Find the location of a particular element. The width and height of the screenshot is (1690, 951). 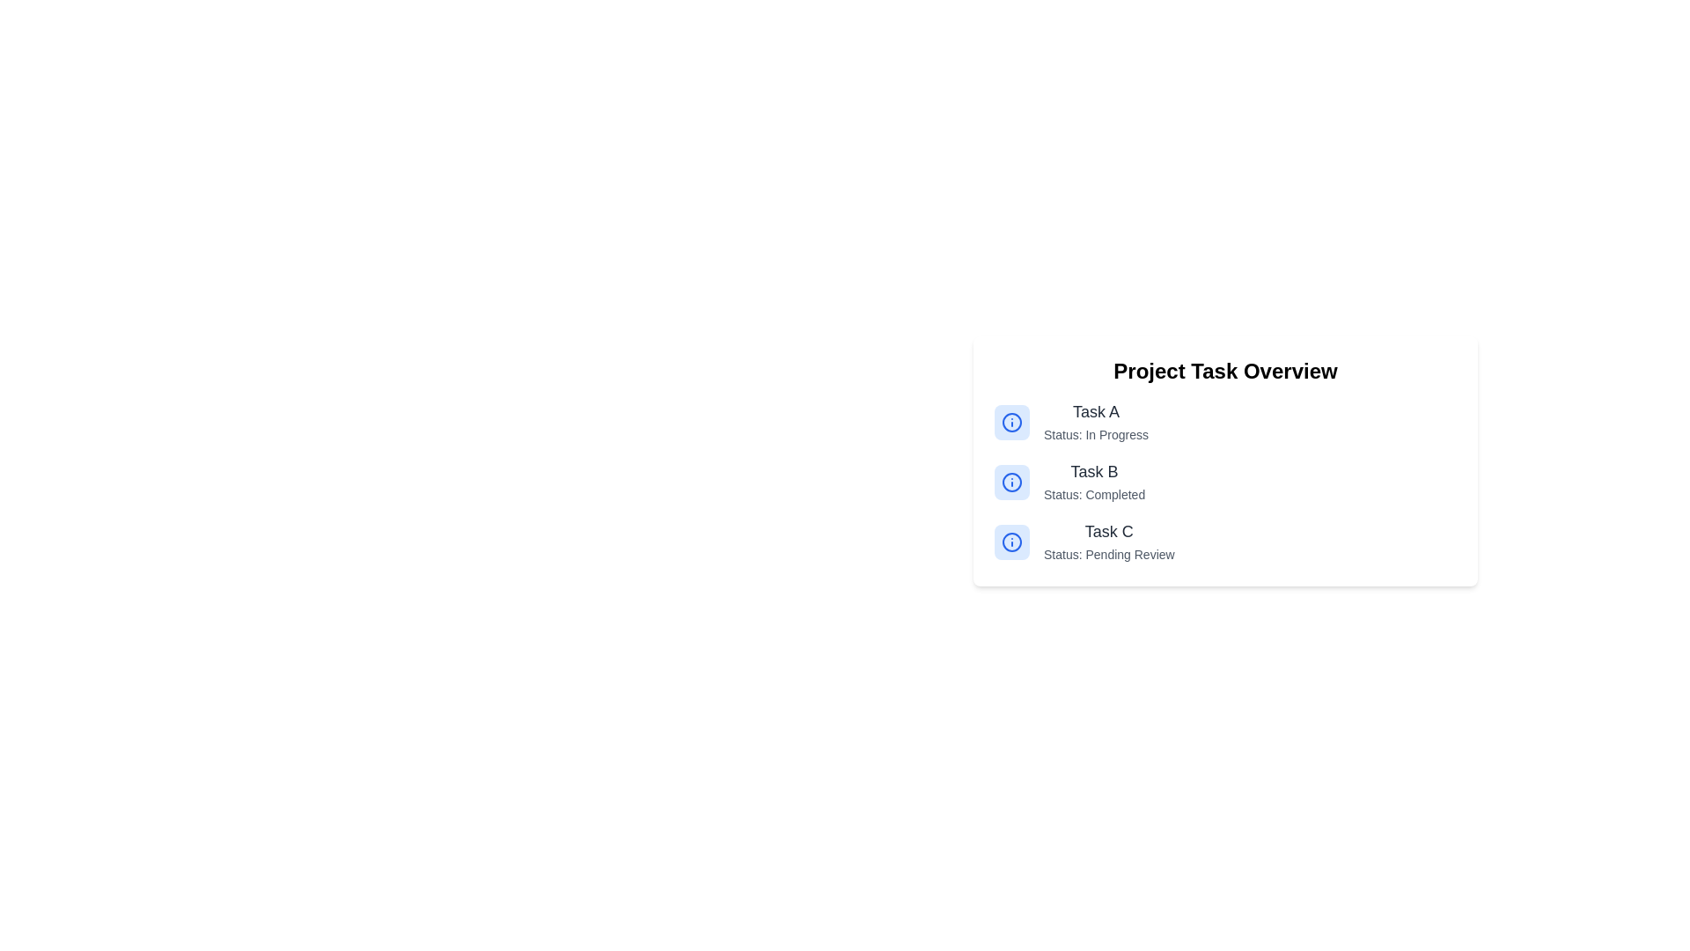

task name from the text element displaying 'Task B' in bold, larger font, located between 'Task A' and 'Task C' is located at coordinates (1093, 482).